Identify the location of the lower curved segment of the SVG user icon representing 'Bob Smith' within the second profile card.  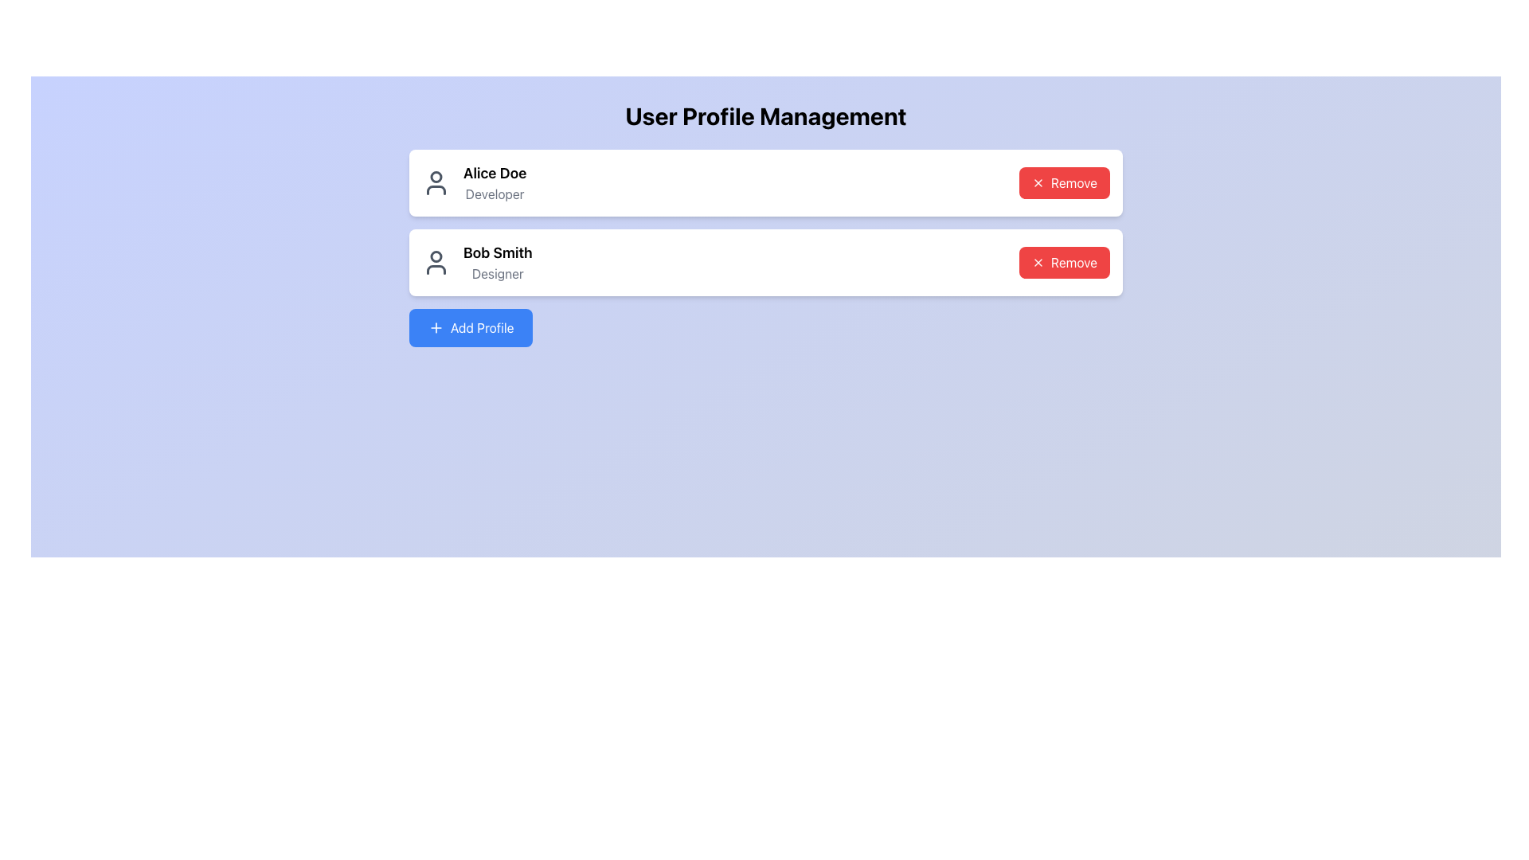
(436, 269).